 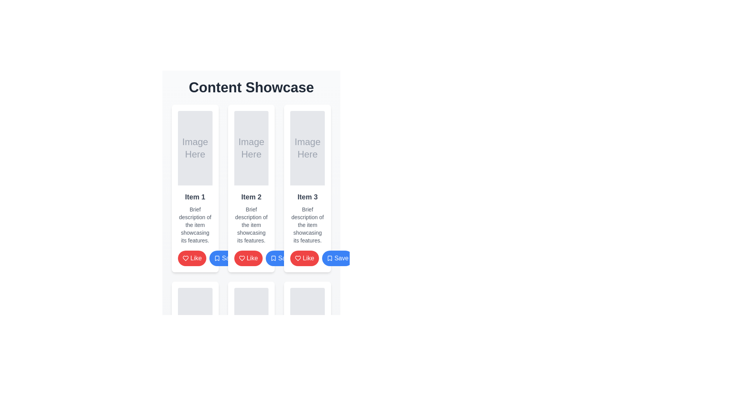 What do you see at coordinates (307, 258) in the screenshot?
I see `the leftmost 'like' button located below the description of 'Item 3'` at bounding box center [307, 258].